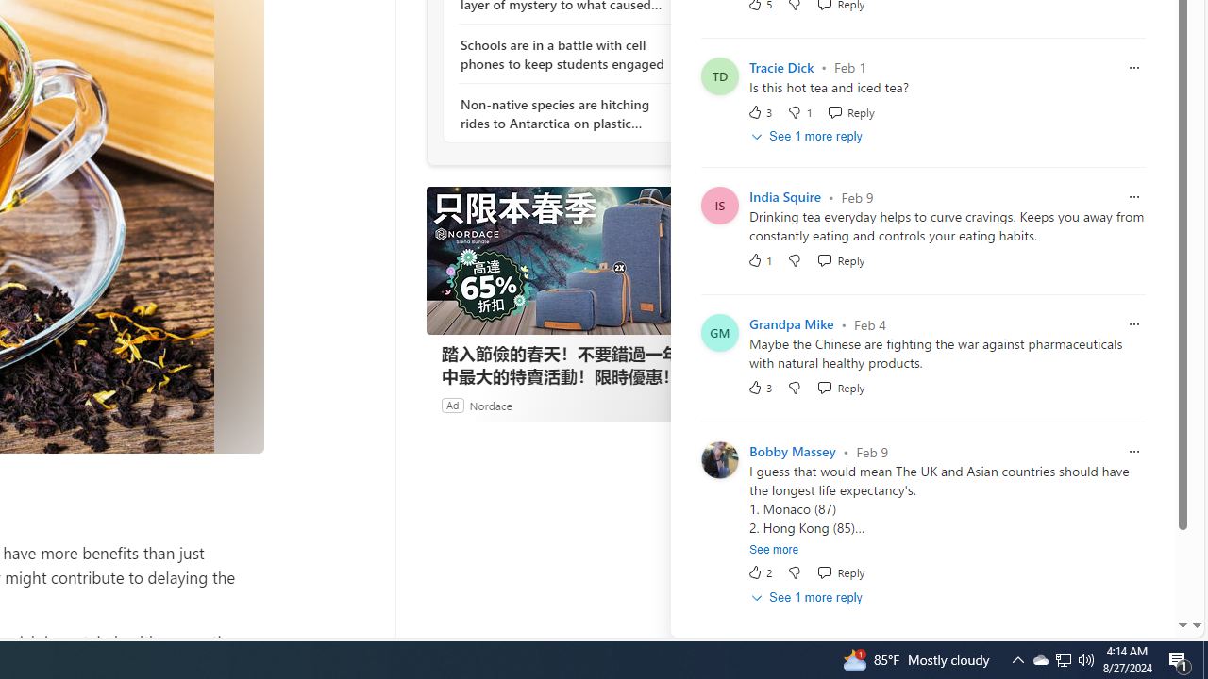 This screenshot has width=1208, height=679. I want to click on 'Report comment', so click(1132, 452).